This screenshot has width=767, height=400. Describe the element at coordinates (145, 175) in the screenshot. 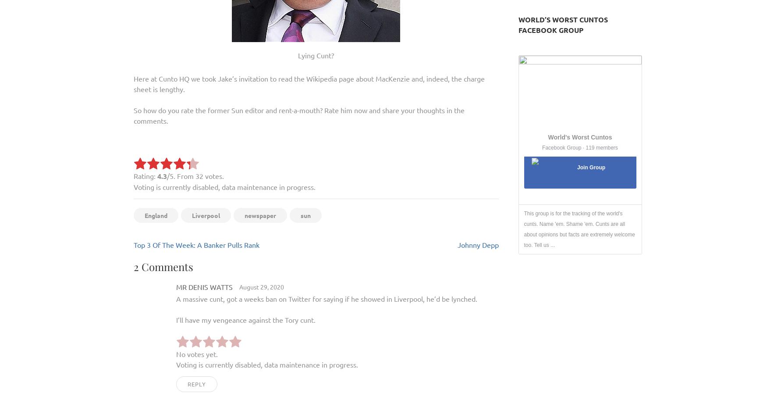

I see `'Rating:'` at that location.